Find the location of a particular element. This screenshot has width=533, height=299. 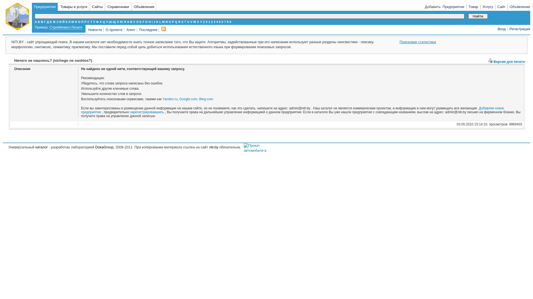

'E' is located at coordinates (140, 21).